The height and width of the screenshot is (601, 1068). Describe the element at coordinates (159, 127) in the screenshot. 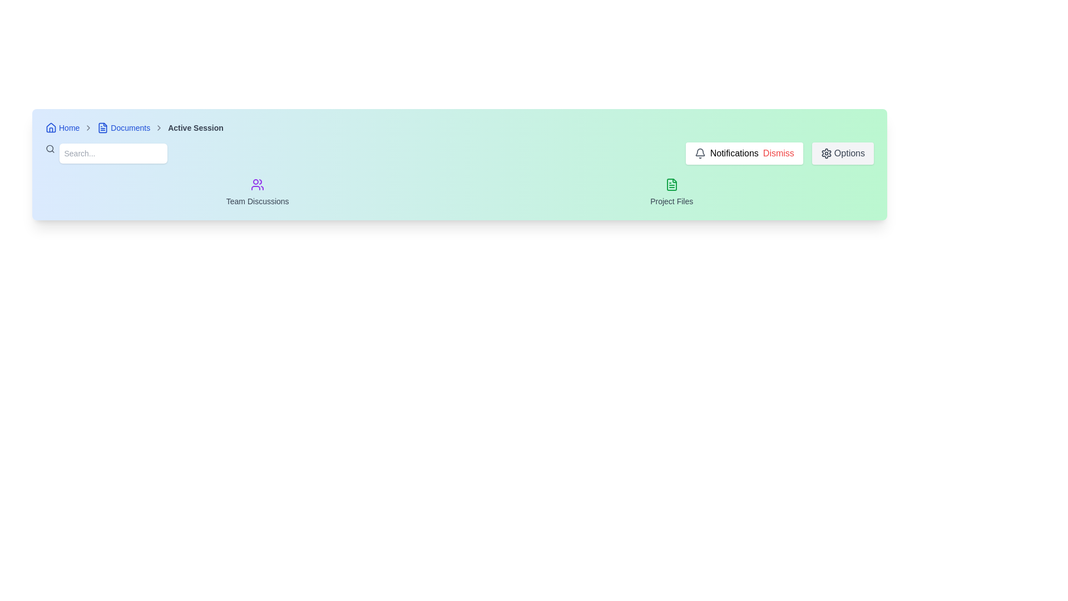

I see `rightward chevron icon in the breadcrumb navigation bar, which is styled using the Lucide icon library and is positioned between the 'Documents' link and 'Active Session'` at that location.